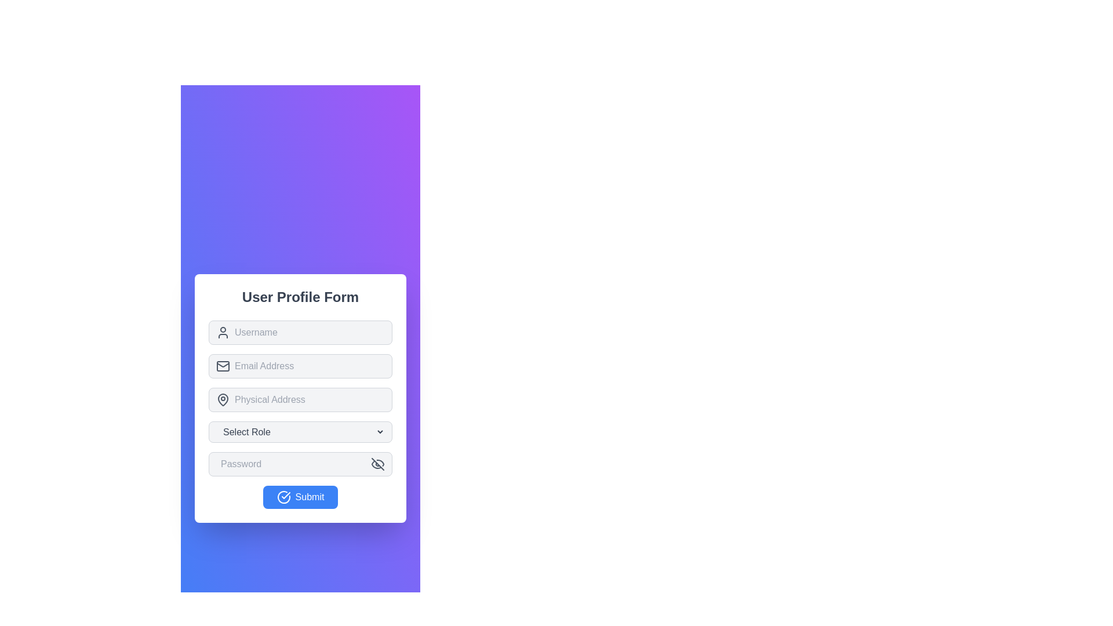 The width and height of the screenshot is (1113, 626). Describe the element at coordinates (378, 463) in the screenshot. I see `the button with an icon at the right end of the password input field` at that location.